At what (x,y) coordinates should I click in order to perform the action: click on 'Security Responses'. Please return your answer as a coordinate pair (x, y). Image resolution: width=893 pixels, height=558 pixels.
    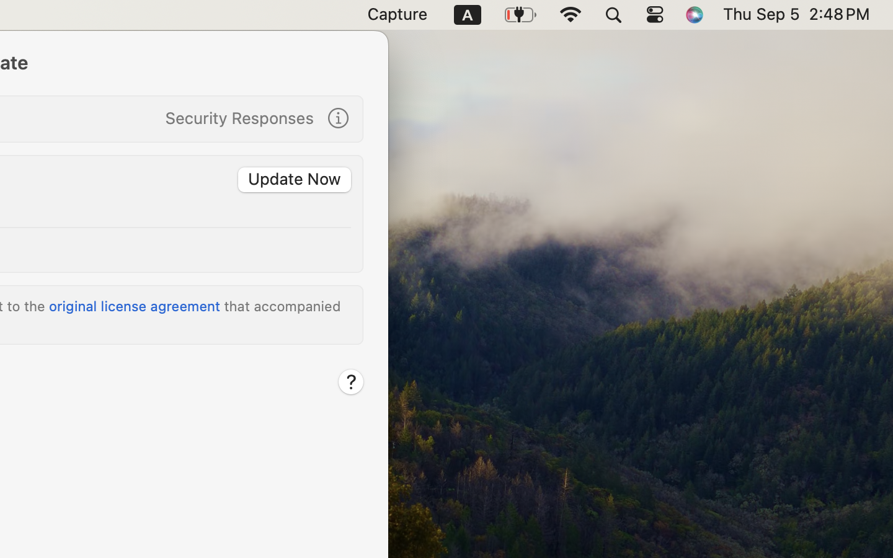
    Looking at the image, I should click on (239, 117).